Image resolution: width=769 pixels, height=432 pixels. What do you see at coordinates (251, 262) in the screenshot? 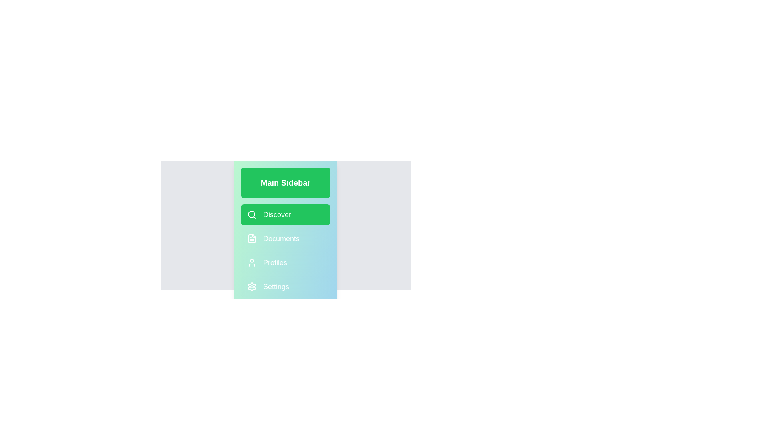
I see `the user outline icon with a black stroke and light green background located in the sidebar menu under the 'Profiles' section` at bounding box center [251, 262].